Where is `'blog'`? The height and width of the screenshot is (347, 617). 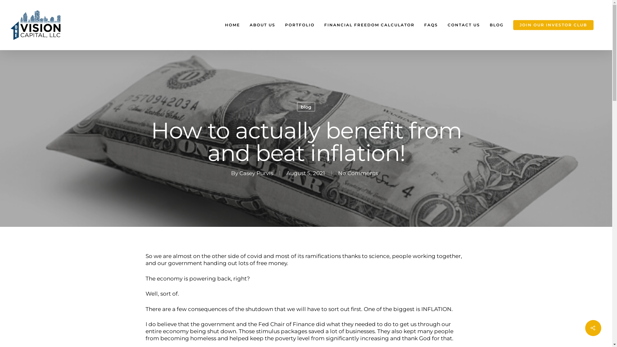 'blog' is located at coordinates (306, 106).